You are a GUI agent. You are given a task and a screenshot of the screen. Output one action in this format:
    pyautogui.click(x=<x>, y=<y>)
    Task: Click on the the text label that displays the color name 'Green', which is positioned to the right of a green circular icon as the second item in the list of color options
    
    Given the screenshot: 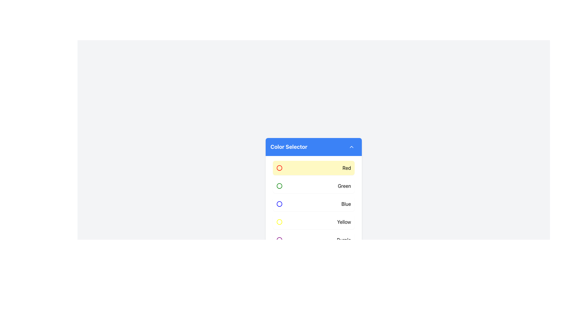 What is the action you would take?
    pyautogui.click(x=344, y=186)
    